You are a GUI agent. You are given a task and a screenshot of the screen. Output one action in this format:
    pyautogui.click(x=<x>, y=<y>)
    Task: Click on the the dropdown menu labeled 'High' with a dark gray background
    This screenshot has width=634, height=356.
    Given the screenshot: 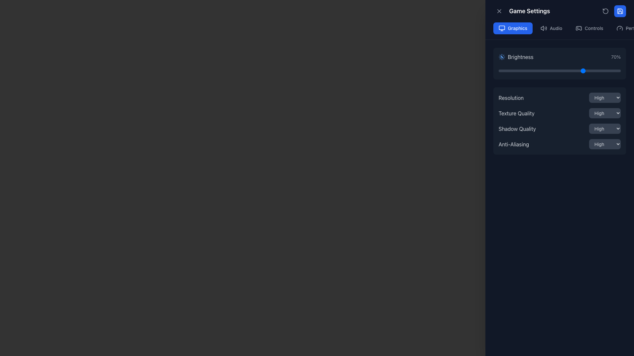 What is the action you would take?
    pyautogui.click(x=605, y=98)
    